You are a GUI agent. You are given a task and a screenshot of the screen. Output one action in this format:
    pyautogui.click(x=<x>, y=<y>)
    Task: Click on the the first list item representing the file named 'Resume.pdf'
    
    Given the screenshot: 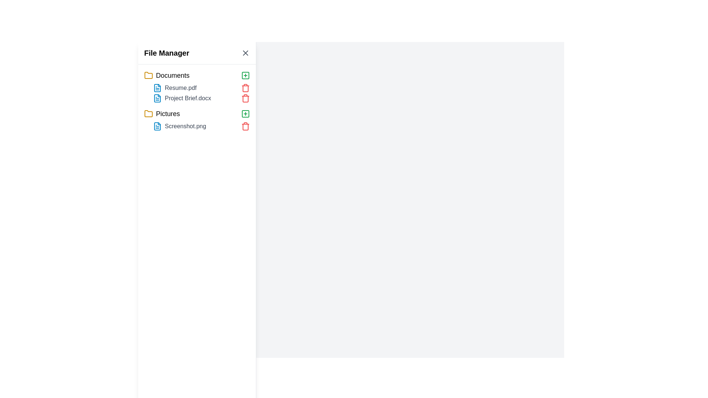 What is the action you would take?
    pyautogui.click(x=201, y=88)
    